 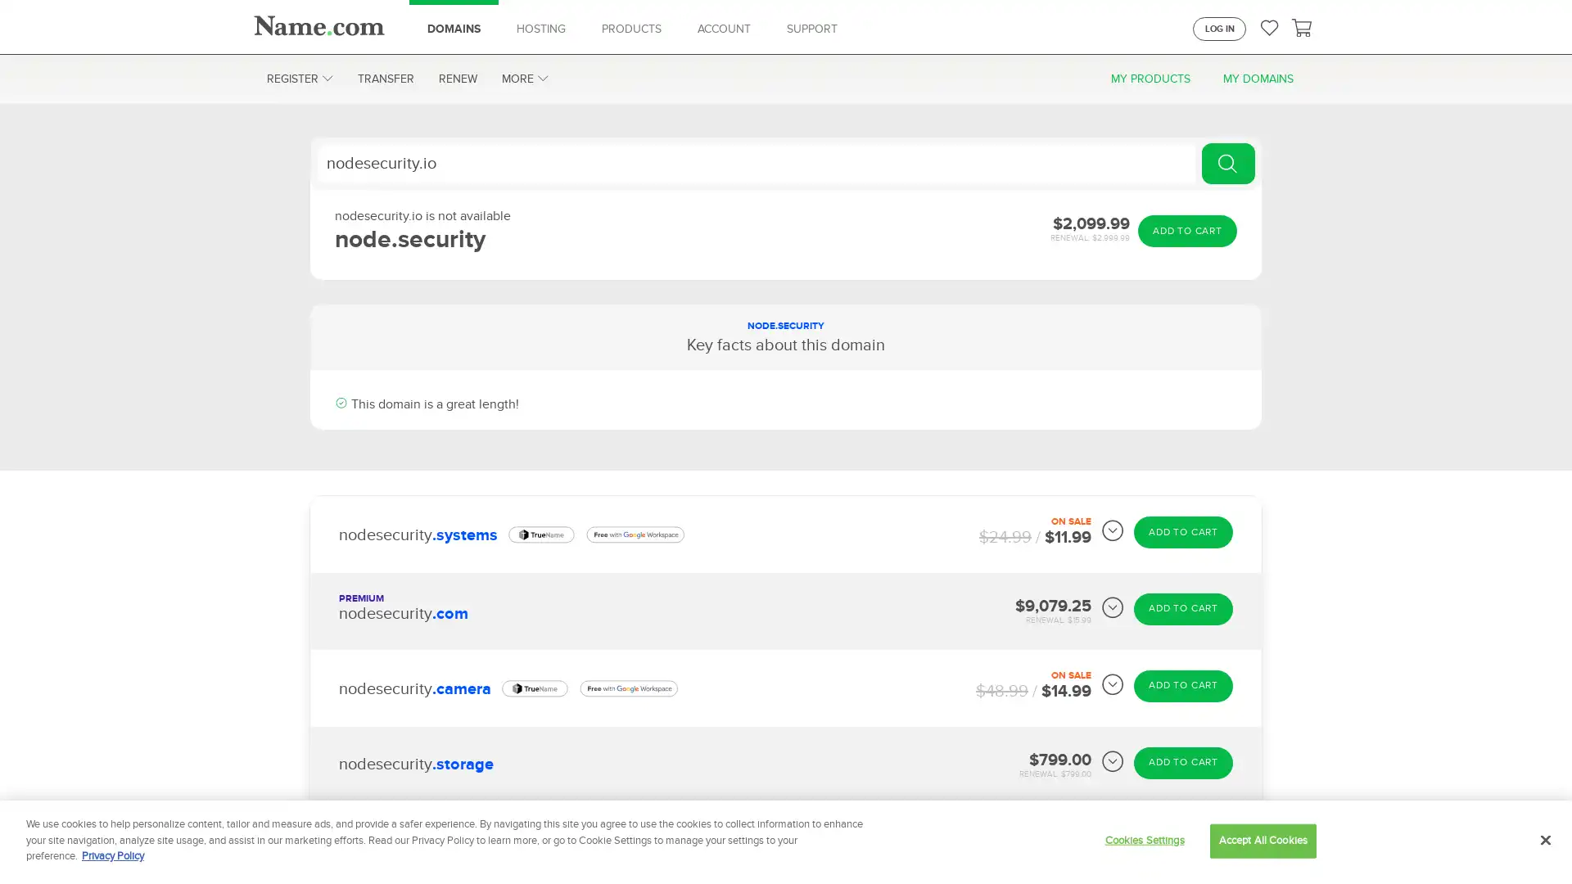 I want to click on Cookies Settings, so click(x=1143, y=840).